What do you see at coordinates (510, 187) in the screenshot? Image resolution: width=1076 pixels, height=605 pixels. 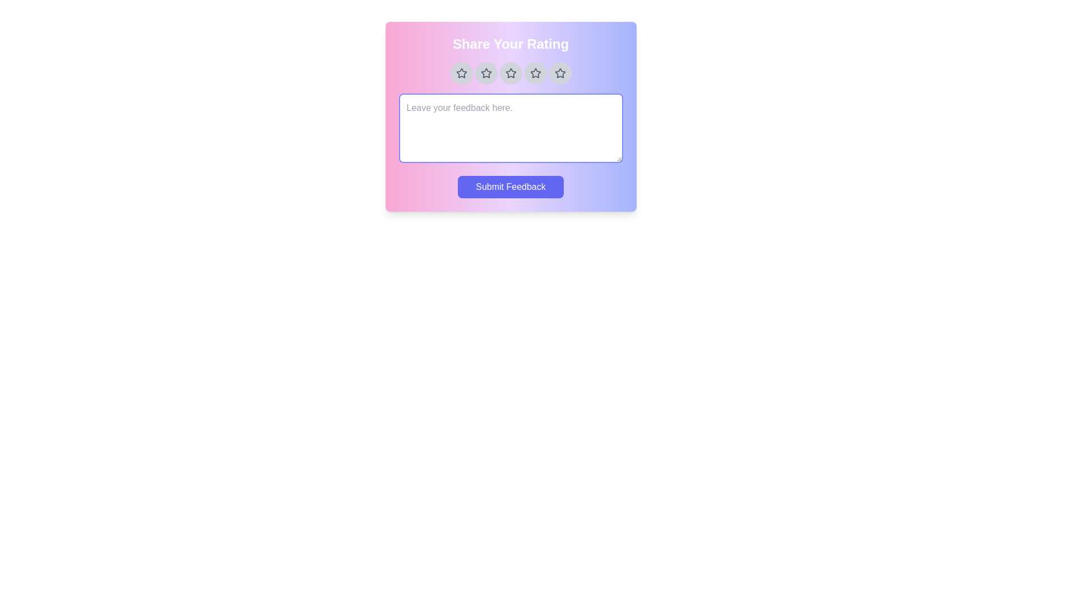 I see `the 'Submit Feedback' button` at bounding box center [510, 187].